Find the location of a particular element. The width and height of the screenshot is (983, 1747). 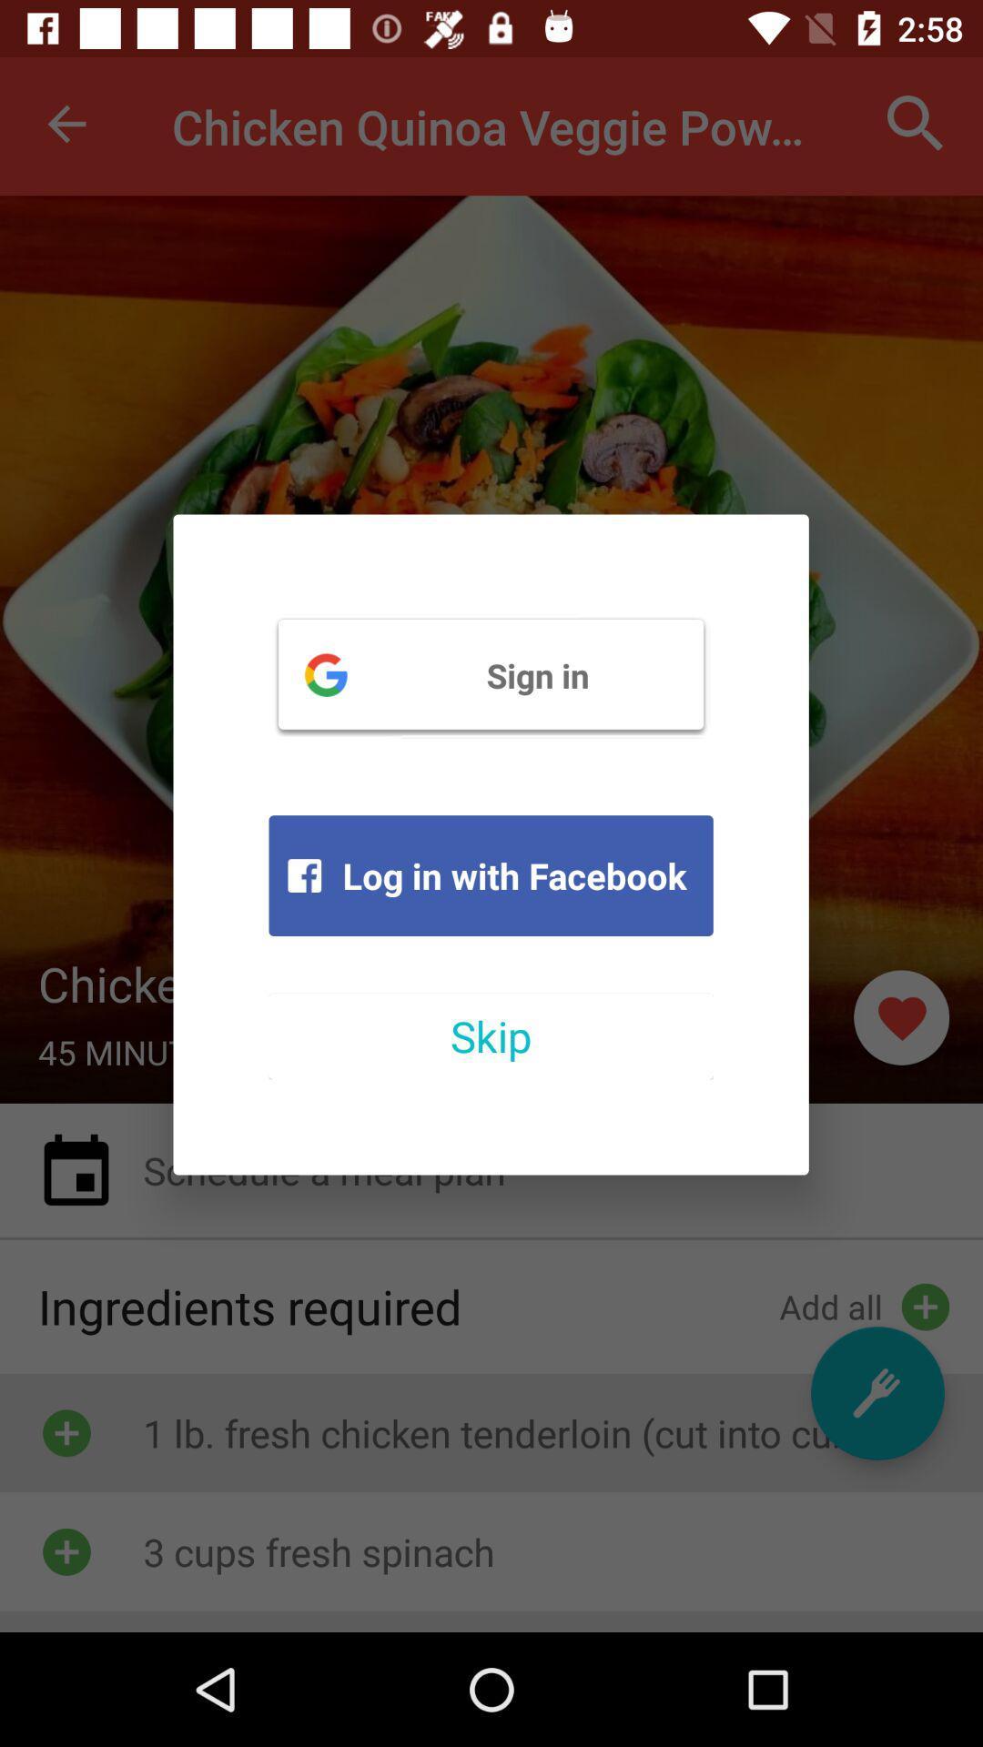

the item above the skip item is located at coordinates (490, 875).